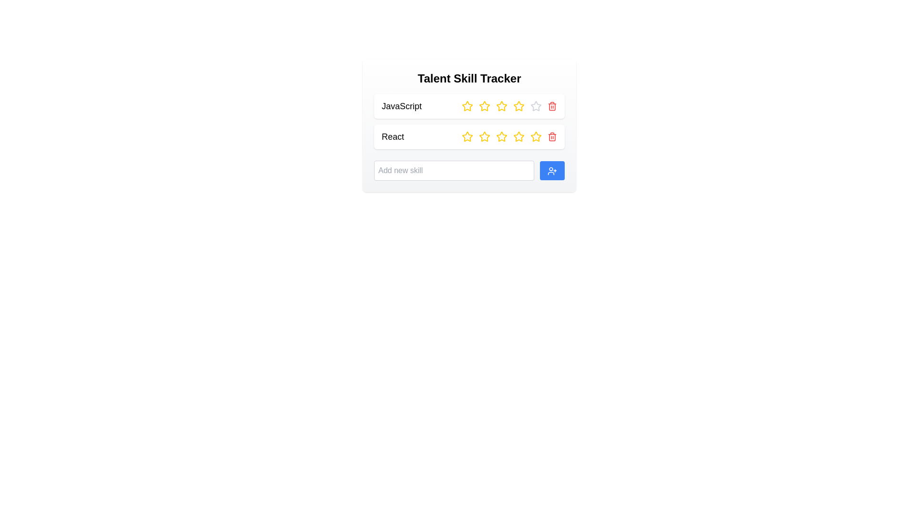  What do you see at coordinates (467, 136) in the screenshot?
I see `the yellow star icon for rating the skill 'React' in the 'Talent Skill Tracker' section to rate or select it` at bounding box center [467, 136].